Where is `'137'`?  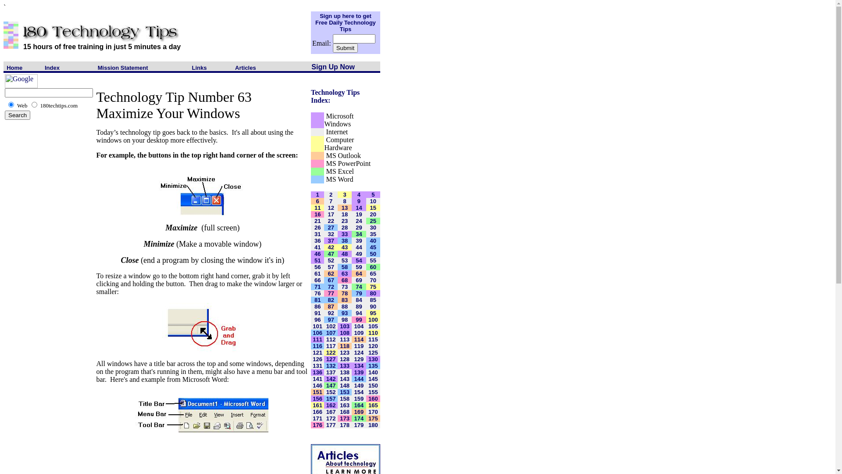
'137' is located at coordinates (330, 372).